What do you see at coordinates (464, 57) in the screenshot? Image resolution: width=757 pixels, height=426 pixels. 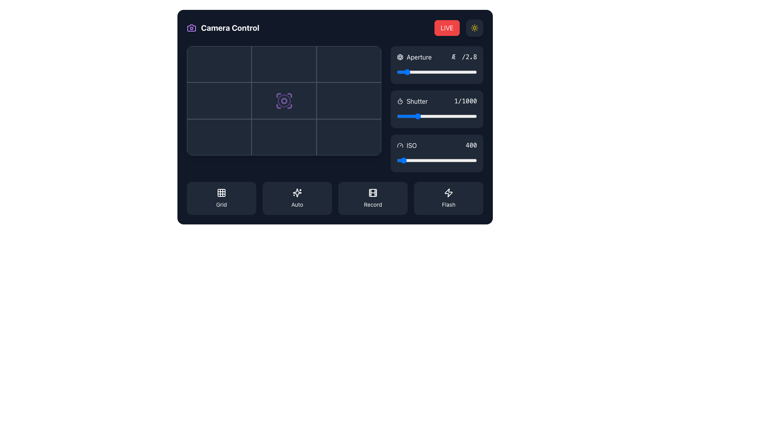 I see `the Informational Label displaying 'Æƒ/2.8' located in the top-right section of the interface within the 'Aperture' control group` at bounding box center [464, 57].